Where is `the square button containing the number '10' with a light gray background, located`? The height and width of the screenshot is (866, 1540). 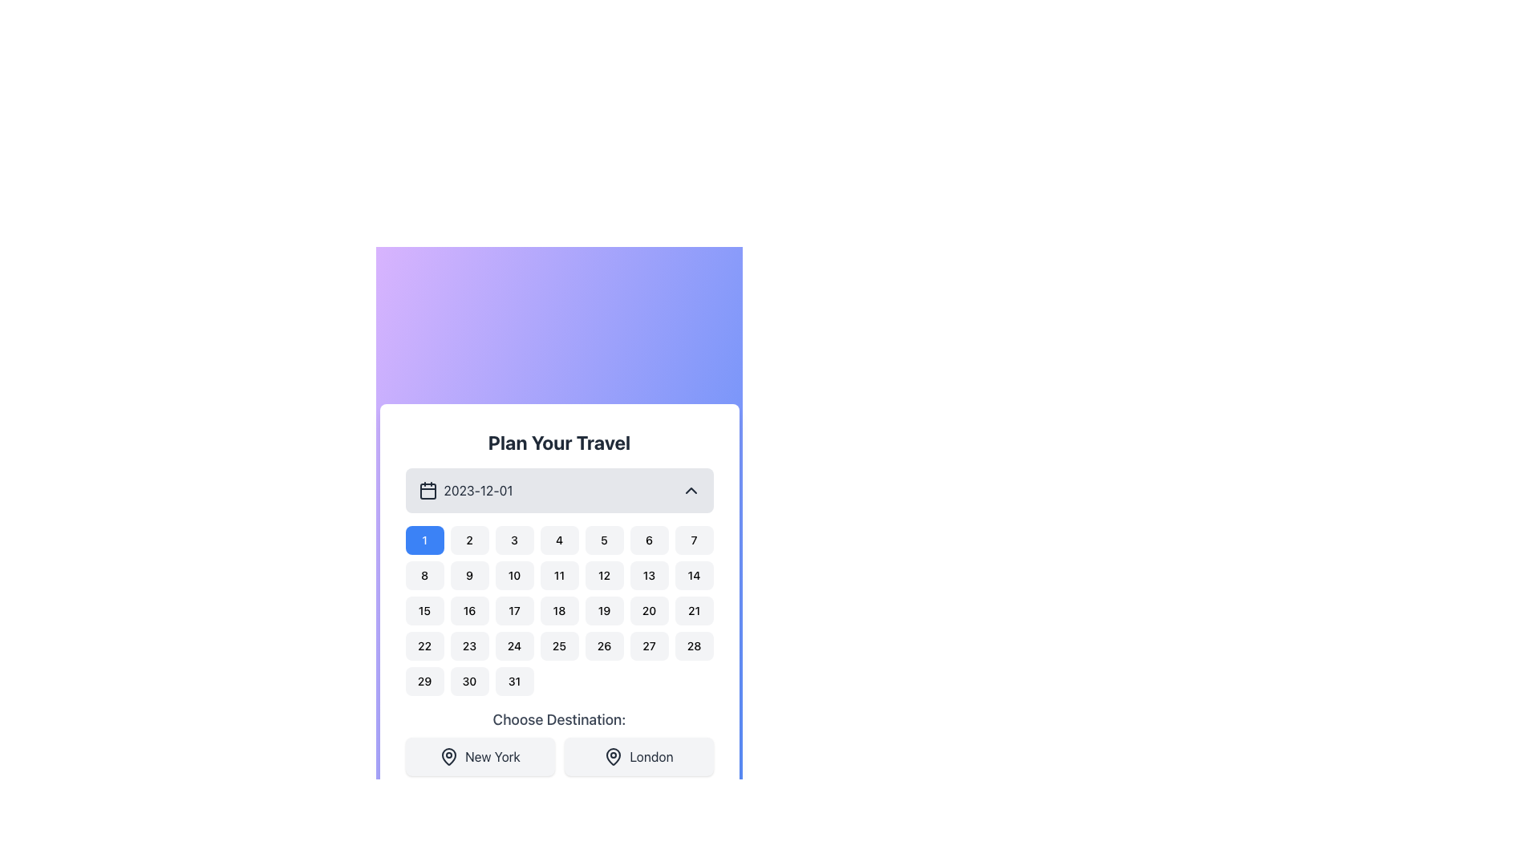 the square button containing the number '10' with a light gray background, located is located at coordinates (514, 574).